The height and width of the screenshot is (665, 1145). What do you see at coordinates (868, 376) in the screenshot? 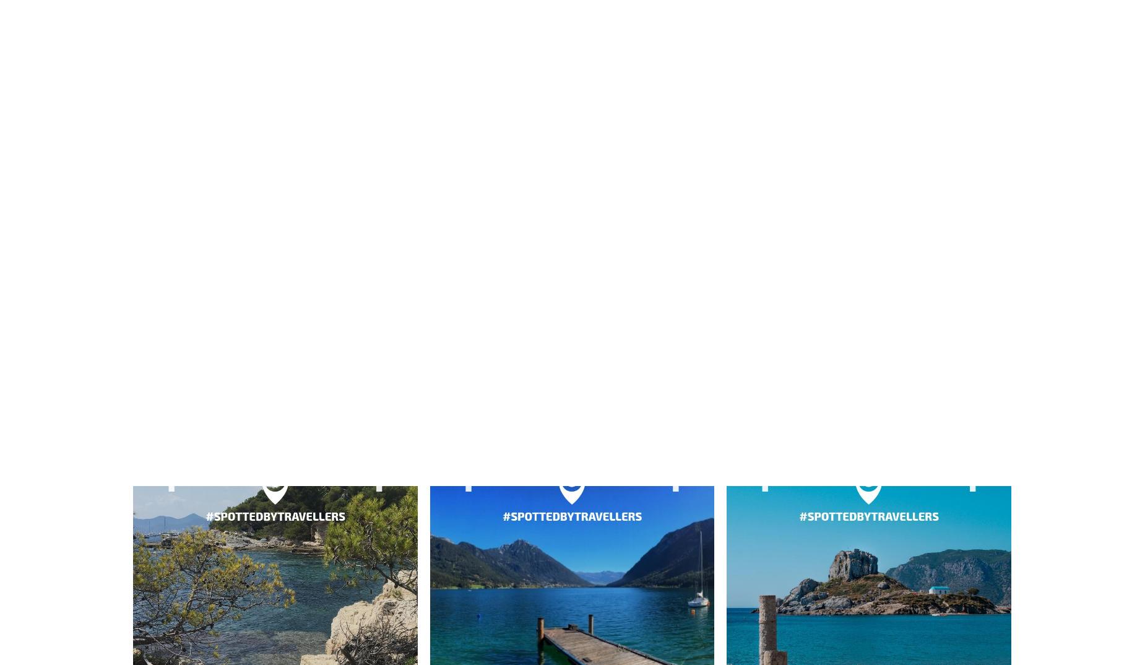
I see `'Tavira'` at bounding box center [868, 376].